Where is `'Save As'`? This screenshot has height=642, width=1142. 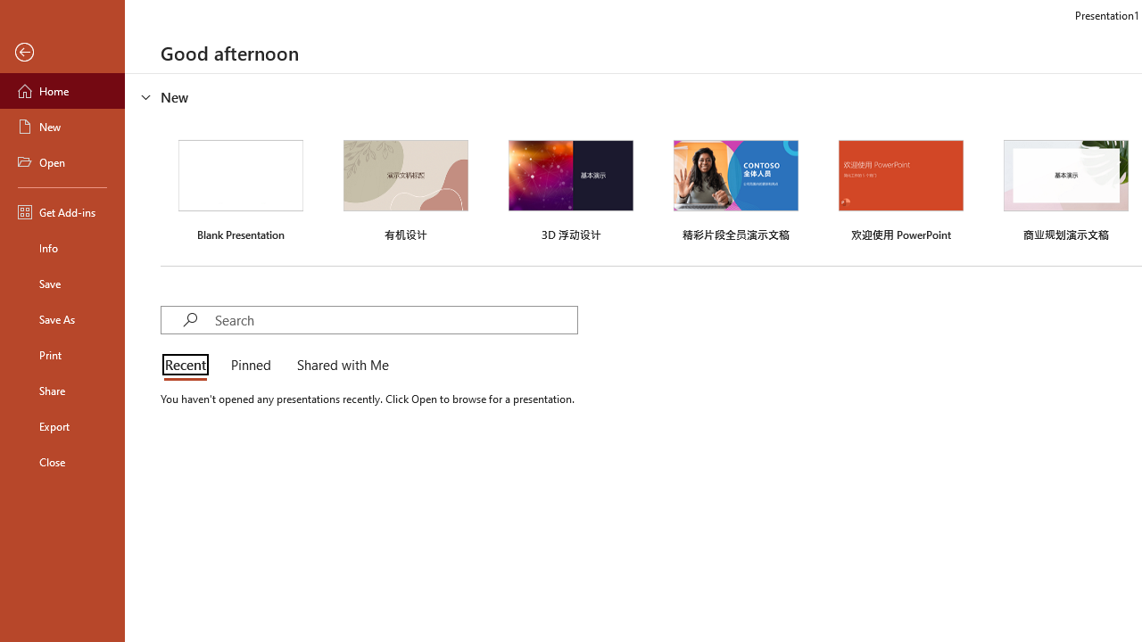
'Save As' is located at coordinates (62, 317).